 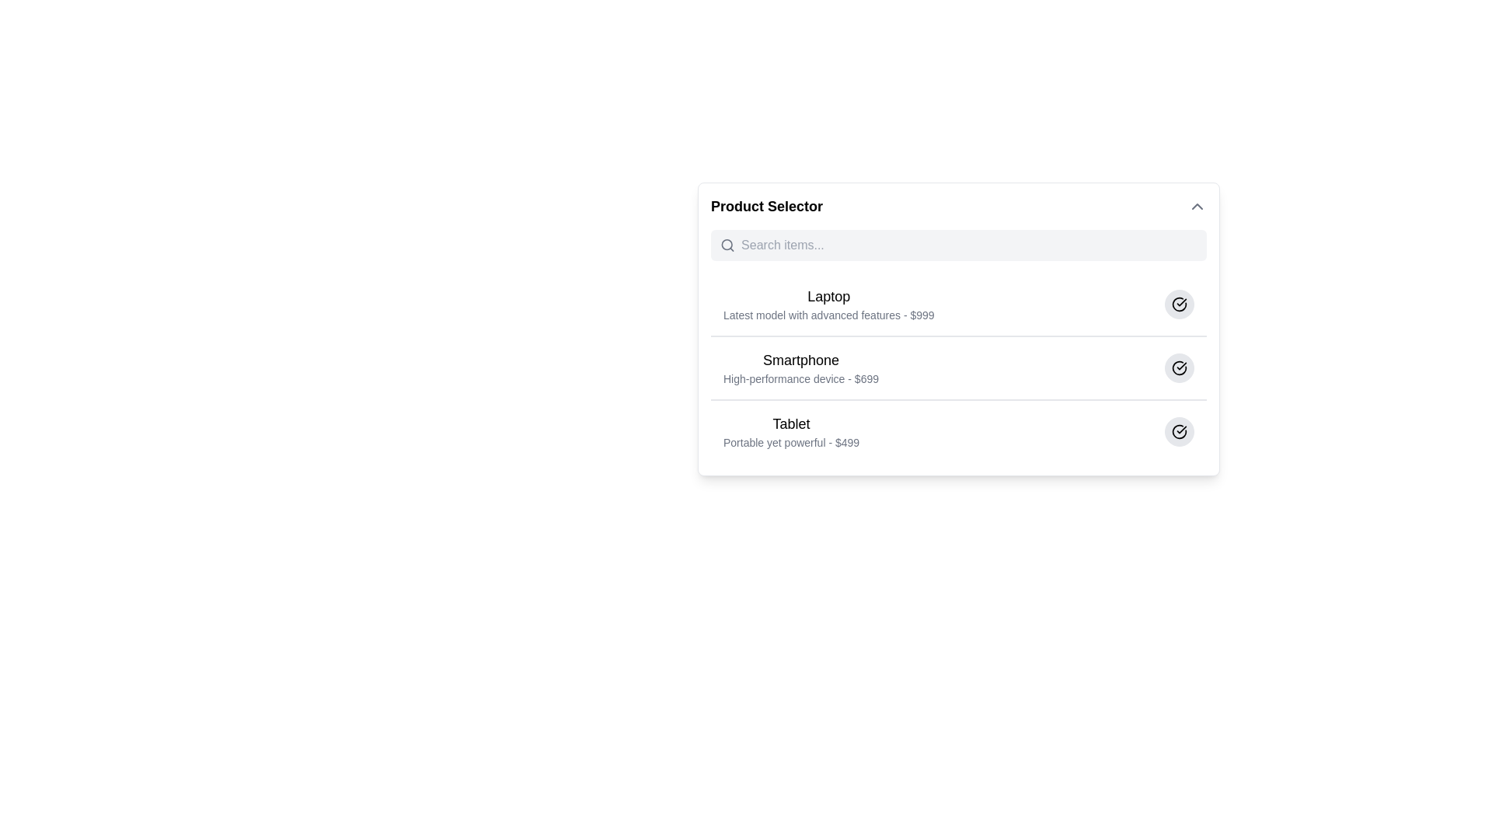 I want to click on the second list item titled 'Smartphone' with a description 'High-performance device - $699', so click(x=957, y=367).